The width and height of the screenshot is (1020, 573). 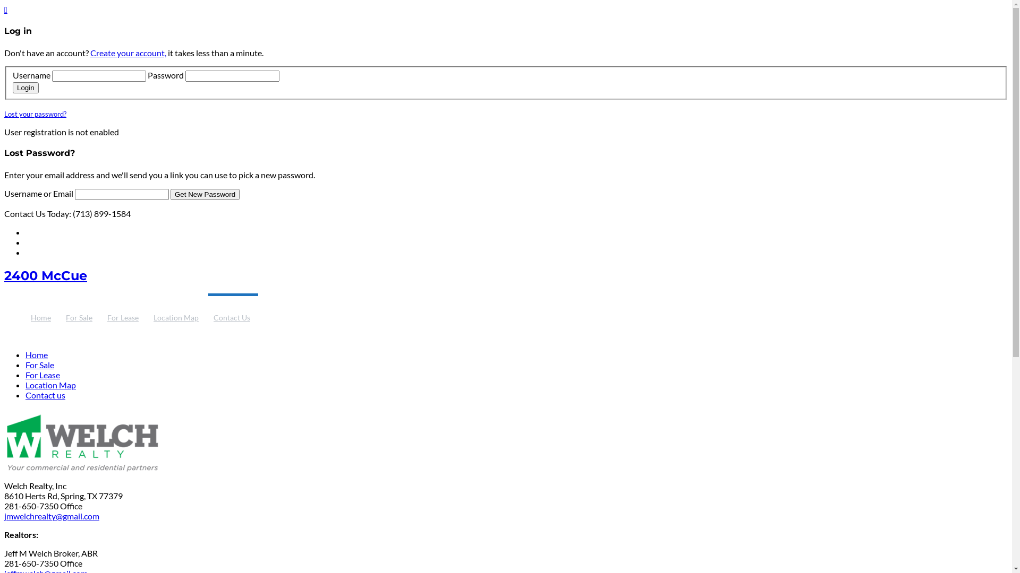 I want to click on 'For Lease', so click(x=42, y=374).